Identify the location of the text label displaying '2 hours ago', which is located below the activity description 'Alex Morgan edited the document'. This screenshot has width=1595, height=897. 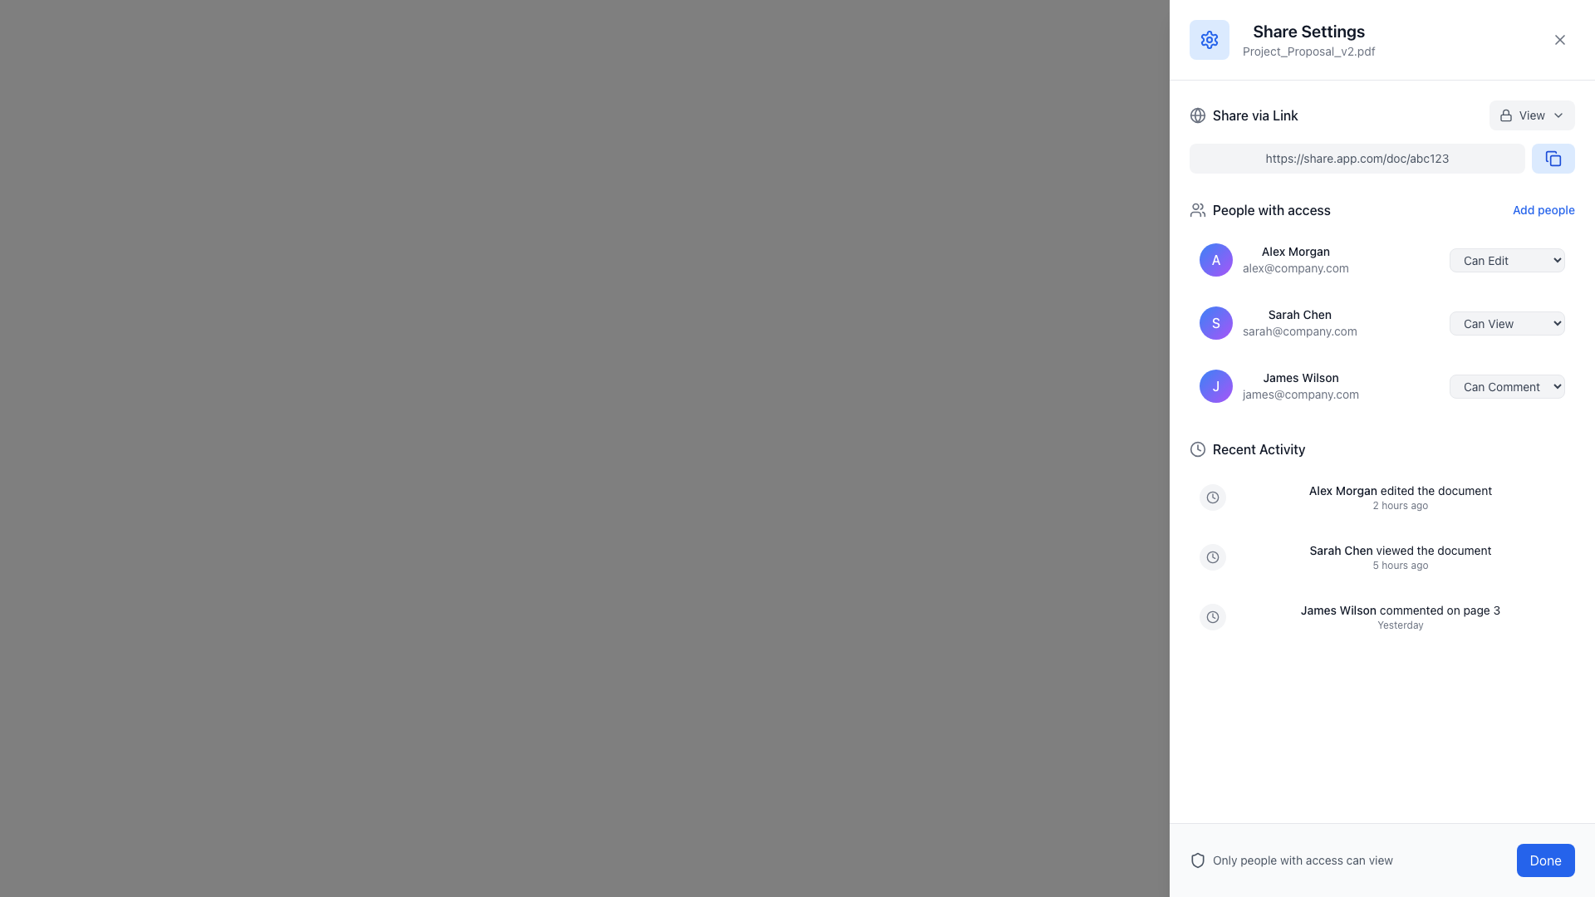
(1399, 505).